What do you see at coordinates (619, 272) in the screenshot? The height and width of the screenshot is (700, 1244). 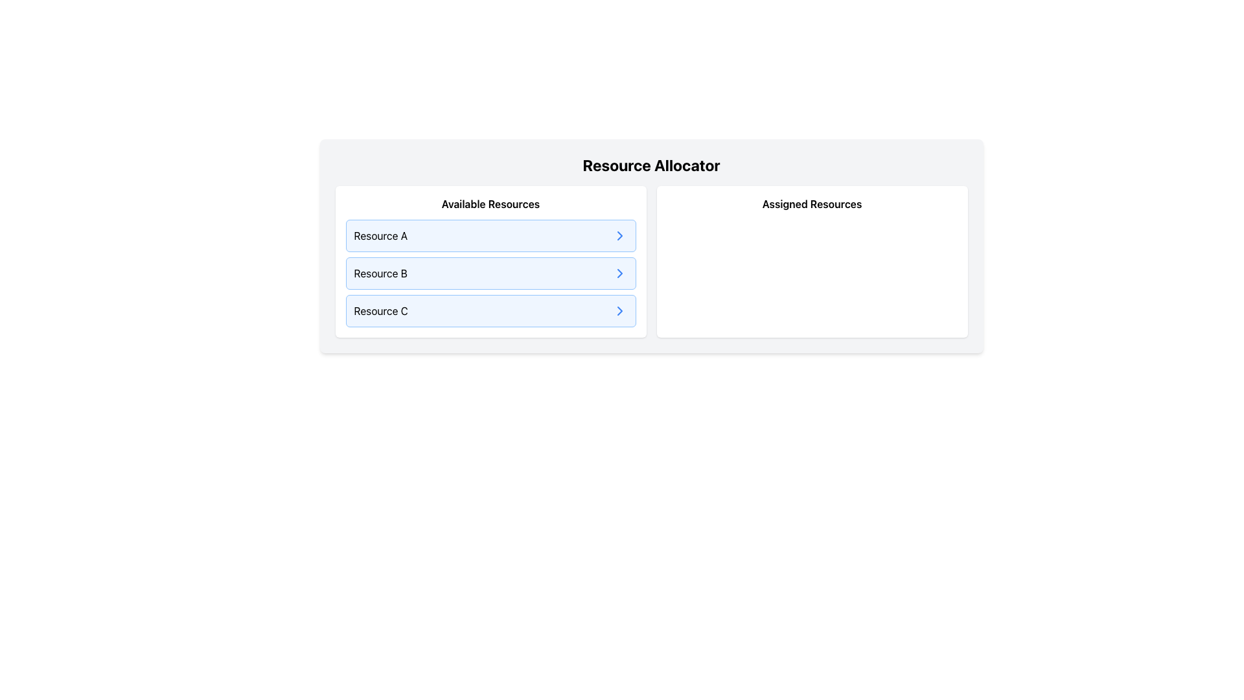 I see `the right-facing chevron icon button located at the far right end of the 'Resource B' card to observe the potential styling change` at bounding box center [619, 272].